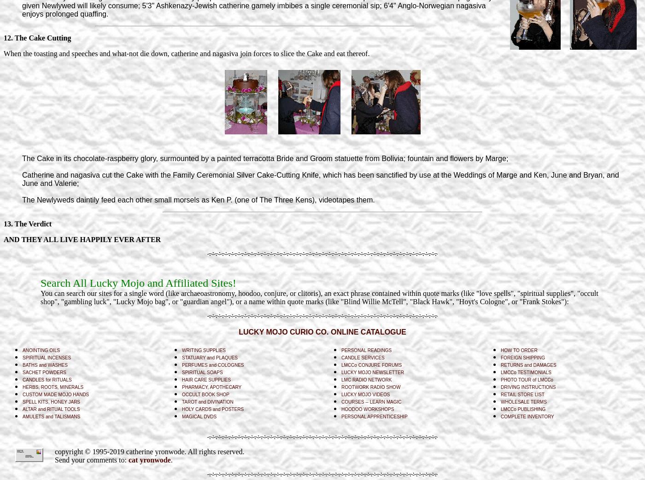 This screenshot has height=480, width=645. What do you see at coordinates (366, 349) in the screenshot?
I see `'PERSONAL READINGS'` at bounding box center [366, 349].